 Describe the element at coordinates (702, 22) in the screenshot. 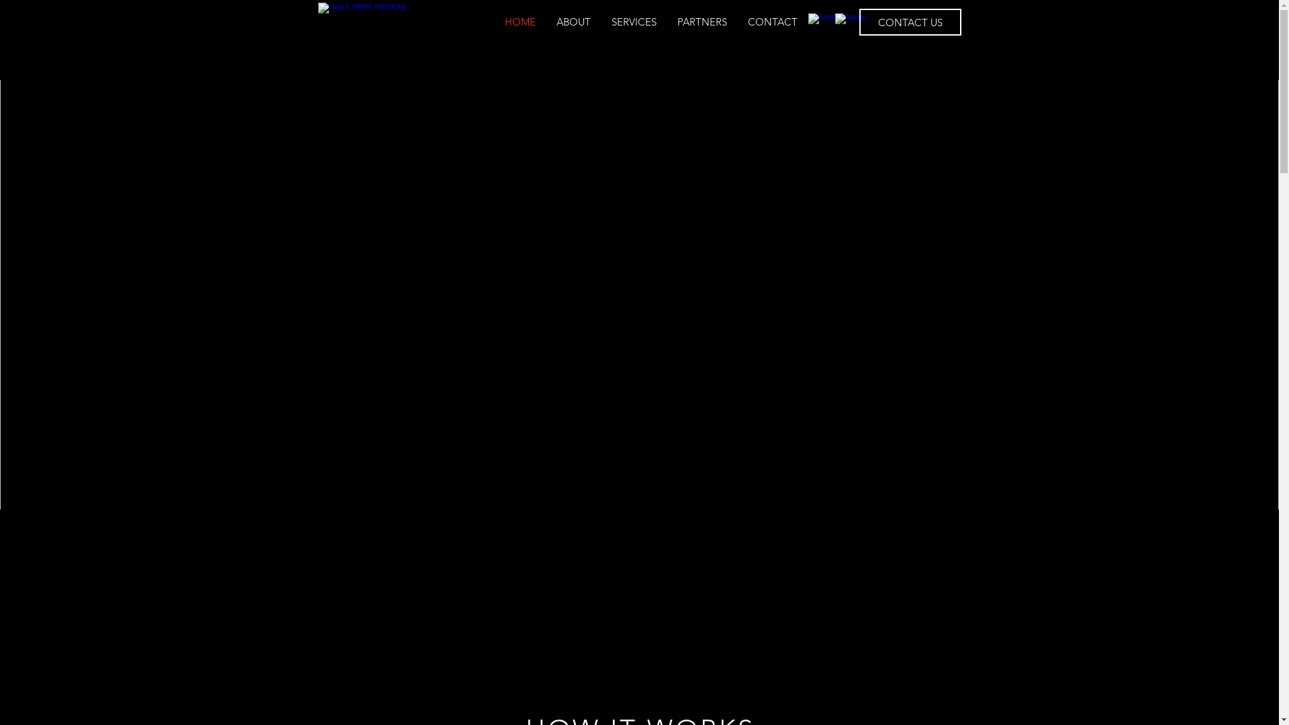

I see `'PARTNERS'` at that location.